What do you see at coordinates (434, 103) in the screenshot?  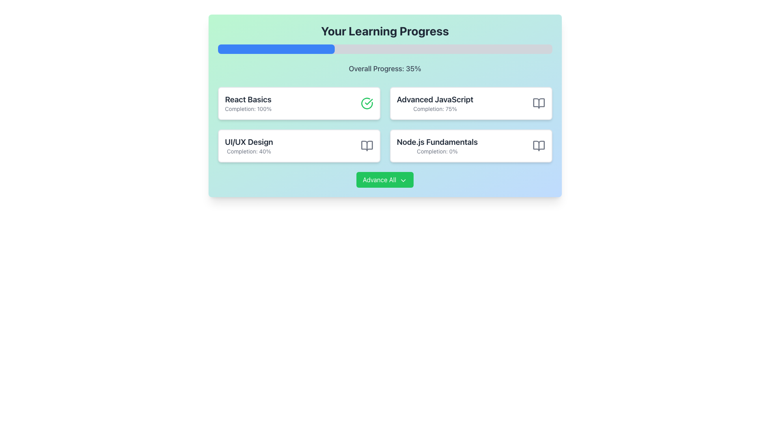 I see `the text and progress indicator display for the course titled 'Advanced JavaScript', which shows a completion status of 75%, located on the right side of the learning progress interface` at bounding box center [434, 103].